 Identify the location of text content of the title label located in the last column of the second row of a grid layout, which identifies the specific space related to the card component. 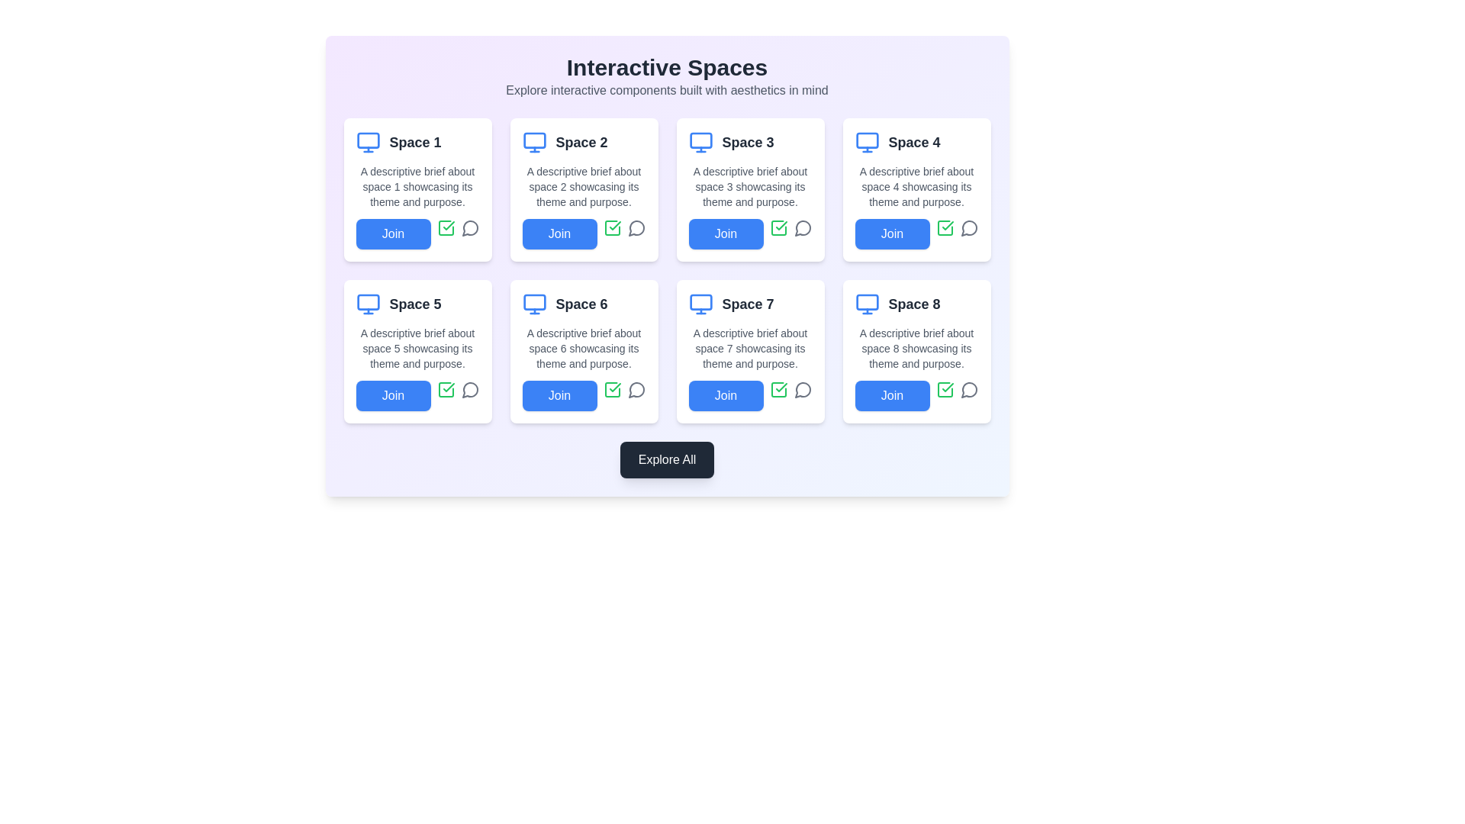
(914, 304).